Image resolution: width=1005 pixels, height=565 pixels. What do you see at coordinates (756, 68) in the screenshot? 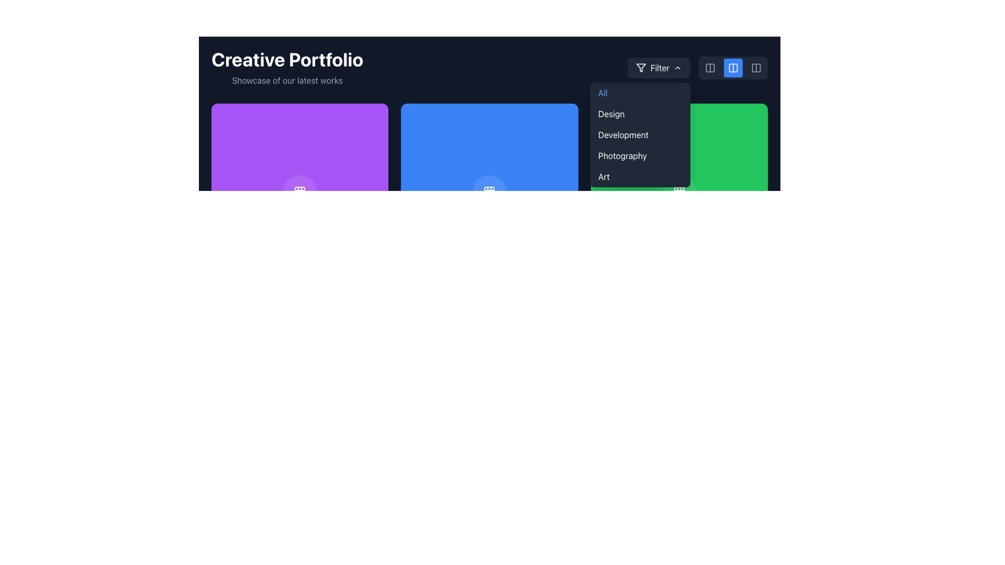
I see `the second last icon button in the top-right section of the application's interface` at bounding box center [756, 68].